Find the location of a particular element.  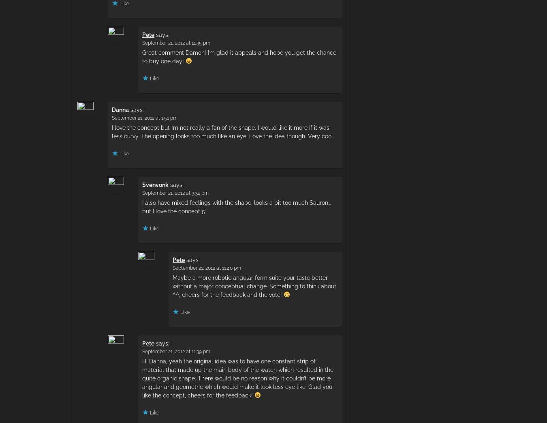

'September 21, 2012 at 11:39 pm' is located at coordinates (176, 351).